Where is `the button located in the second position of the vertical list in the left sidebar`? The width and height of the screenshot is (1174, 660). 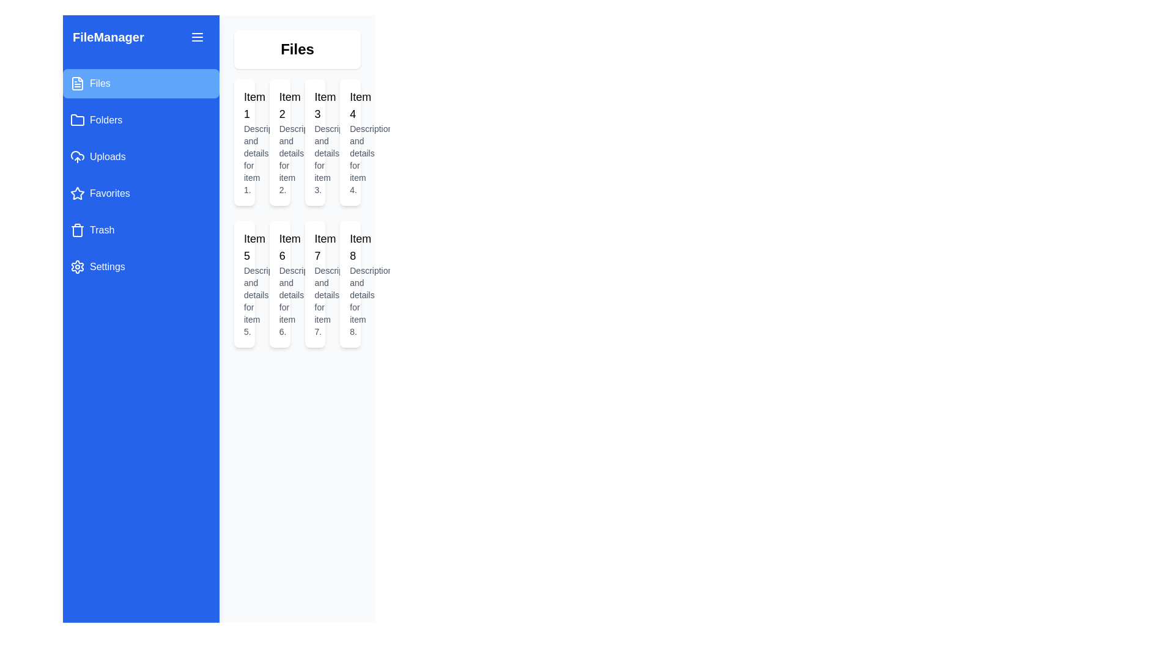 the button located in the second position of the vertical list in the left sidebar is located at coordinates (141, 120).